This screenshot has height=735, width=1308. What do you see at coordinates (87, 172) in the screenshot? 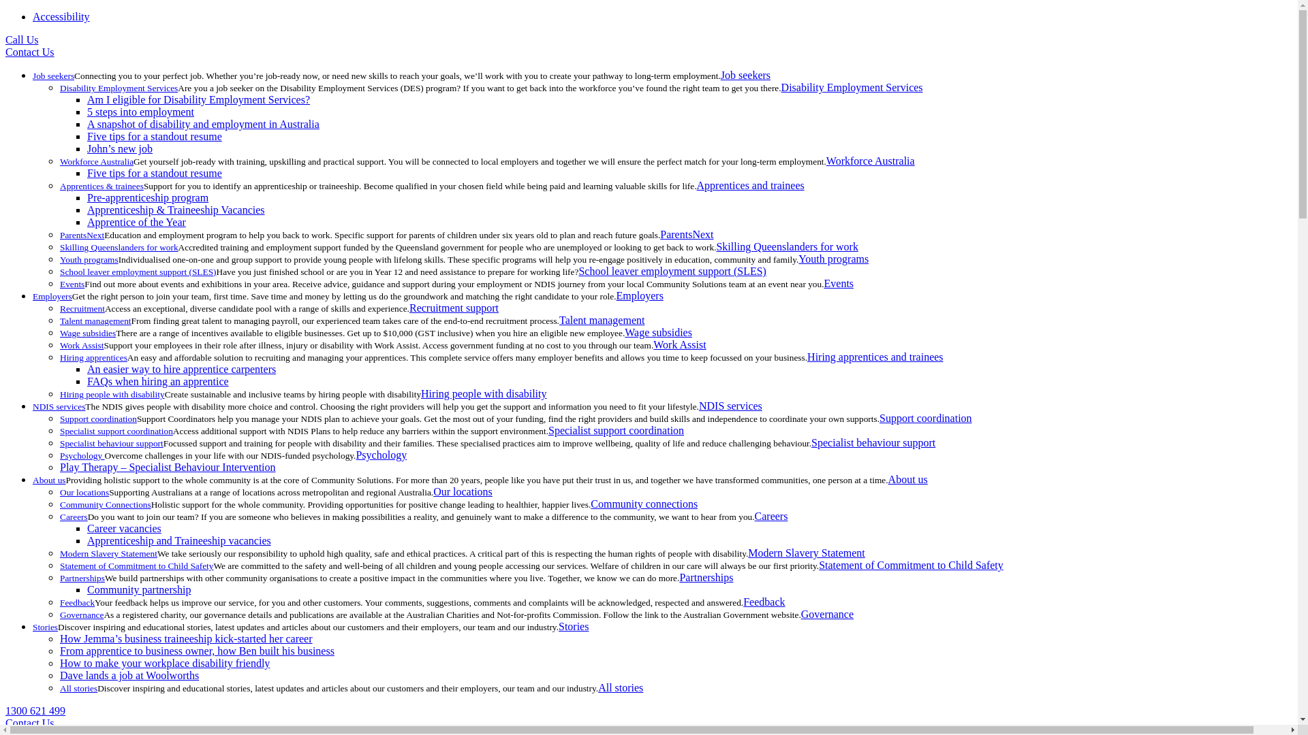
I see `'Five tips for a standout resume'` at bounding box center [87, 172].